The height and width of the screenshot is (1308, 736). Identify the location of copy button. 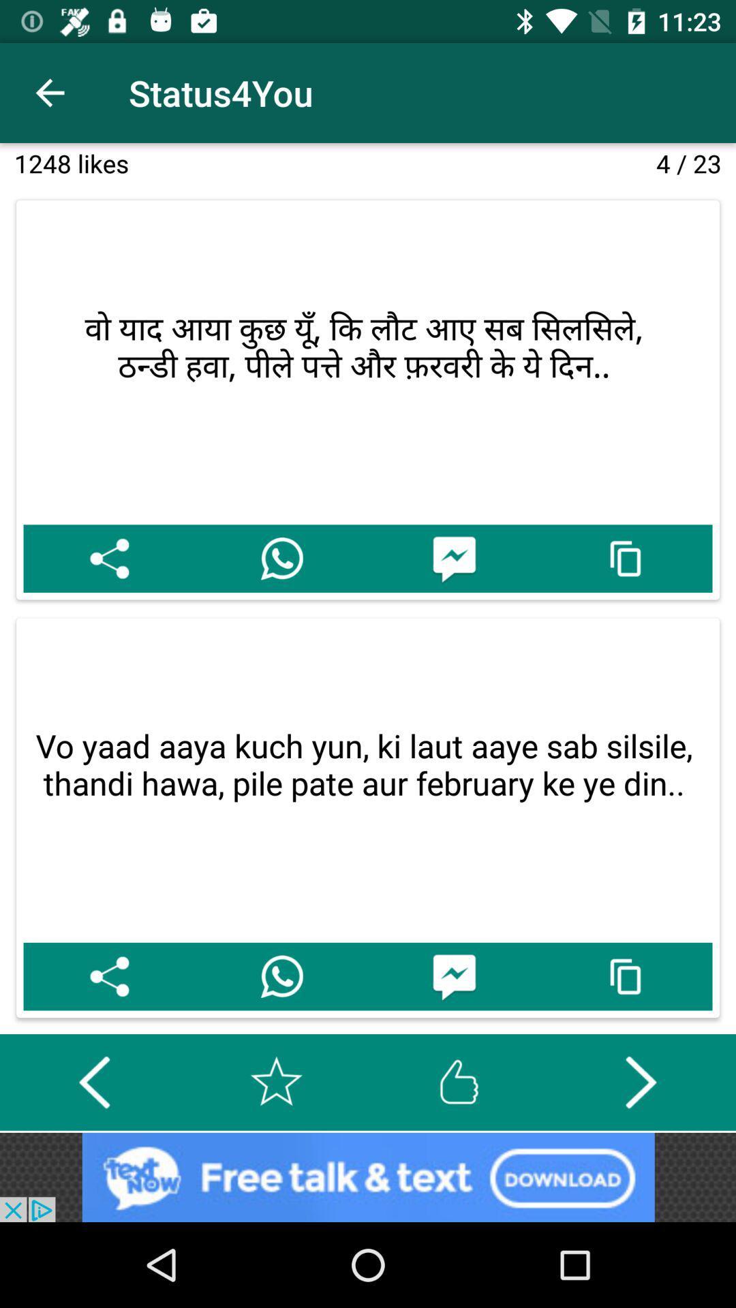
(626, 559).